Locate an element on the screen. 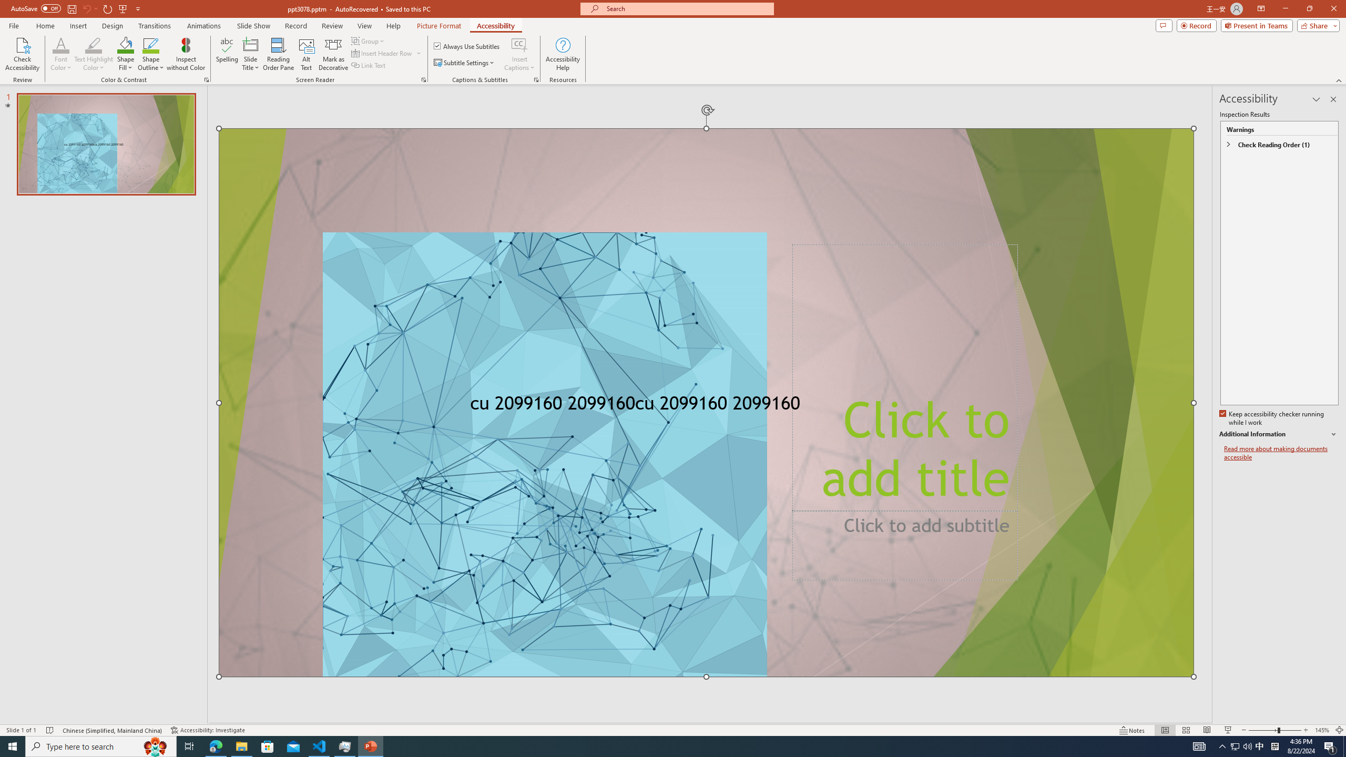 This screenshot has height=757, width=1346. 'Subtitle Settings' is located at coordinates (465, 62).